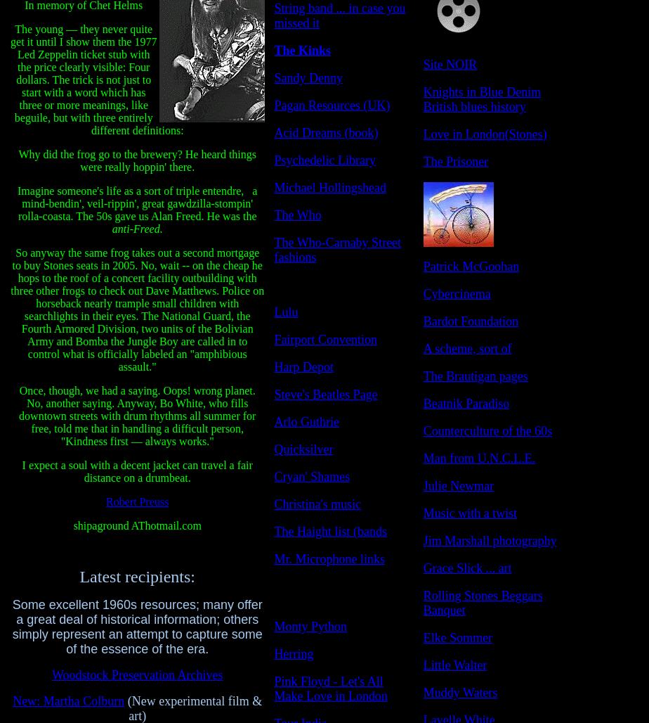  I want to click on 'Monty Python', so click(310, 625).